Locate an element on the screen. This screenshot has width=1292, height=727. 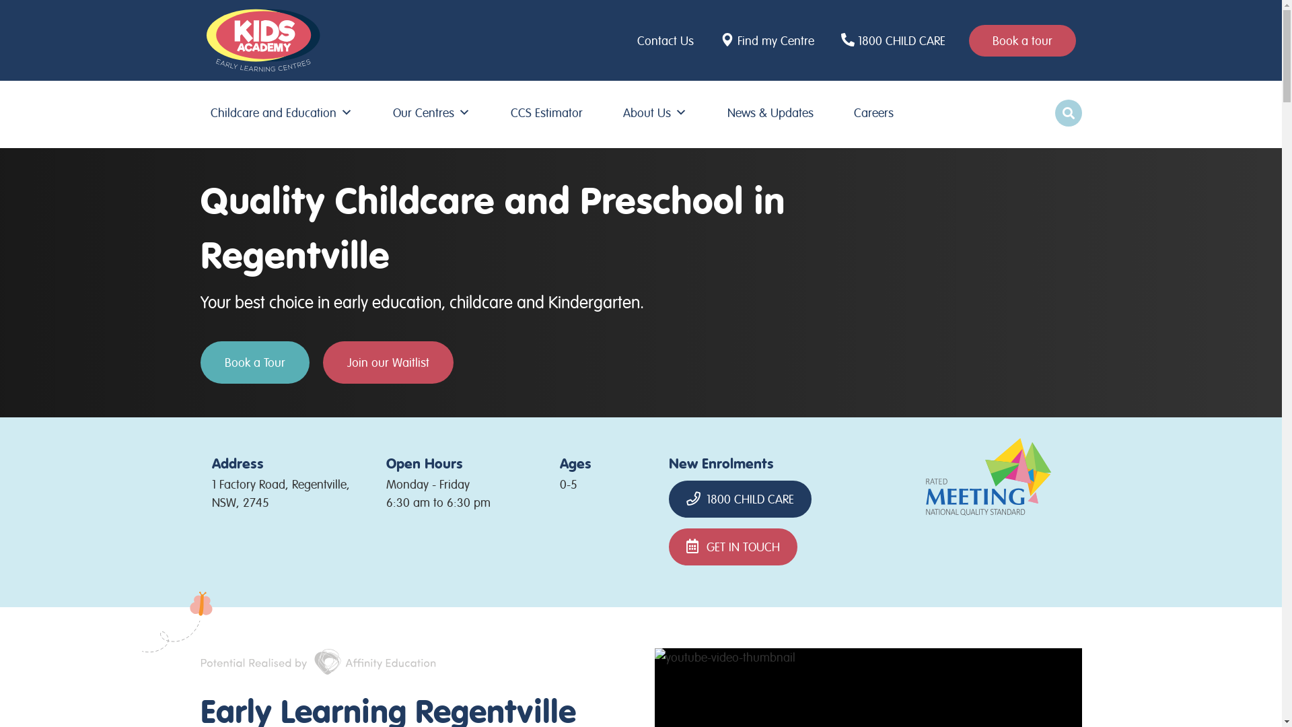
'News & Updates' is located at coordinates (719, 112).